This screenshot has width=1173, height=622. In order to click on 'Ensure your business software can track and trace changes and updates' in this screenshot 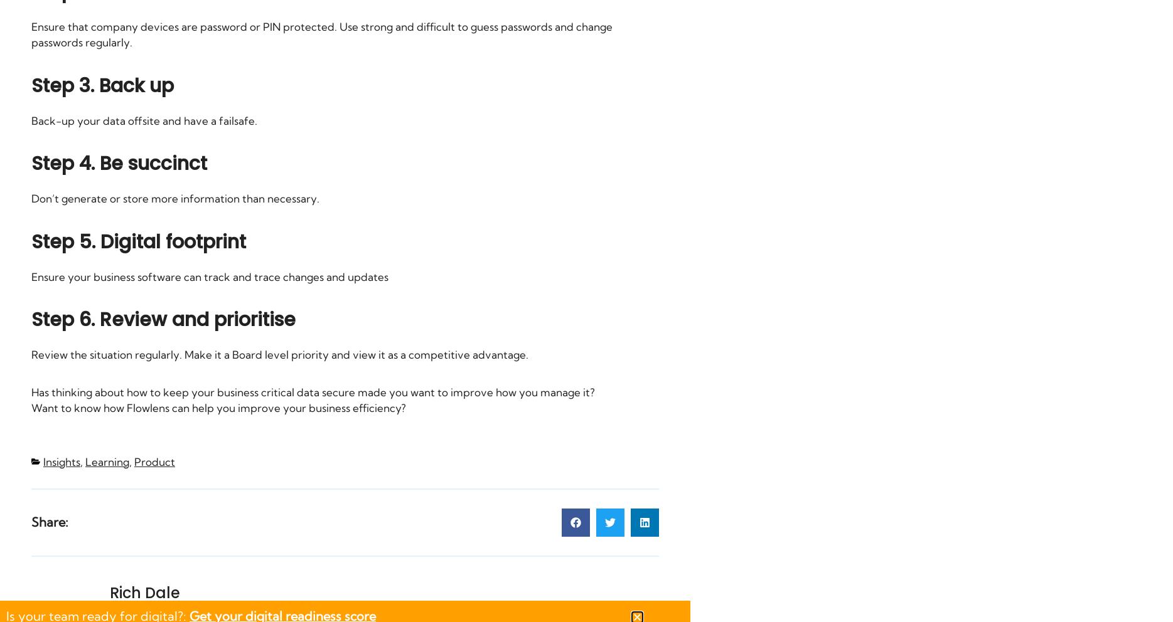, I will do `click(210, 275)`.